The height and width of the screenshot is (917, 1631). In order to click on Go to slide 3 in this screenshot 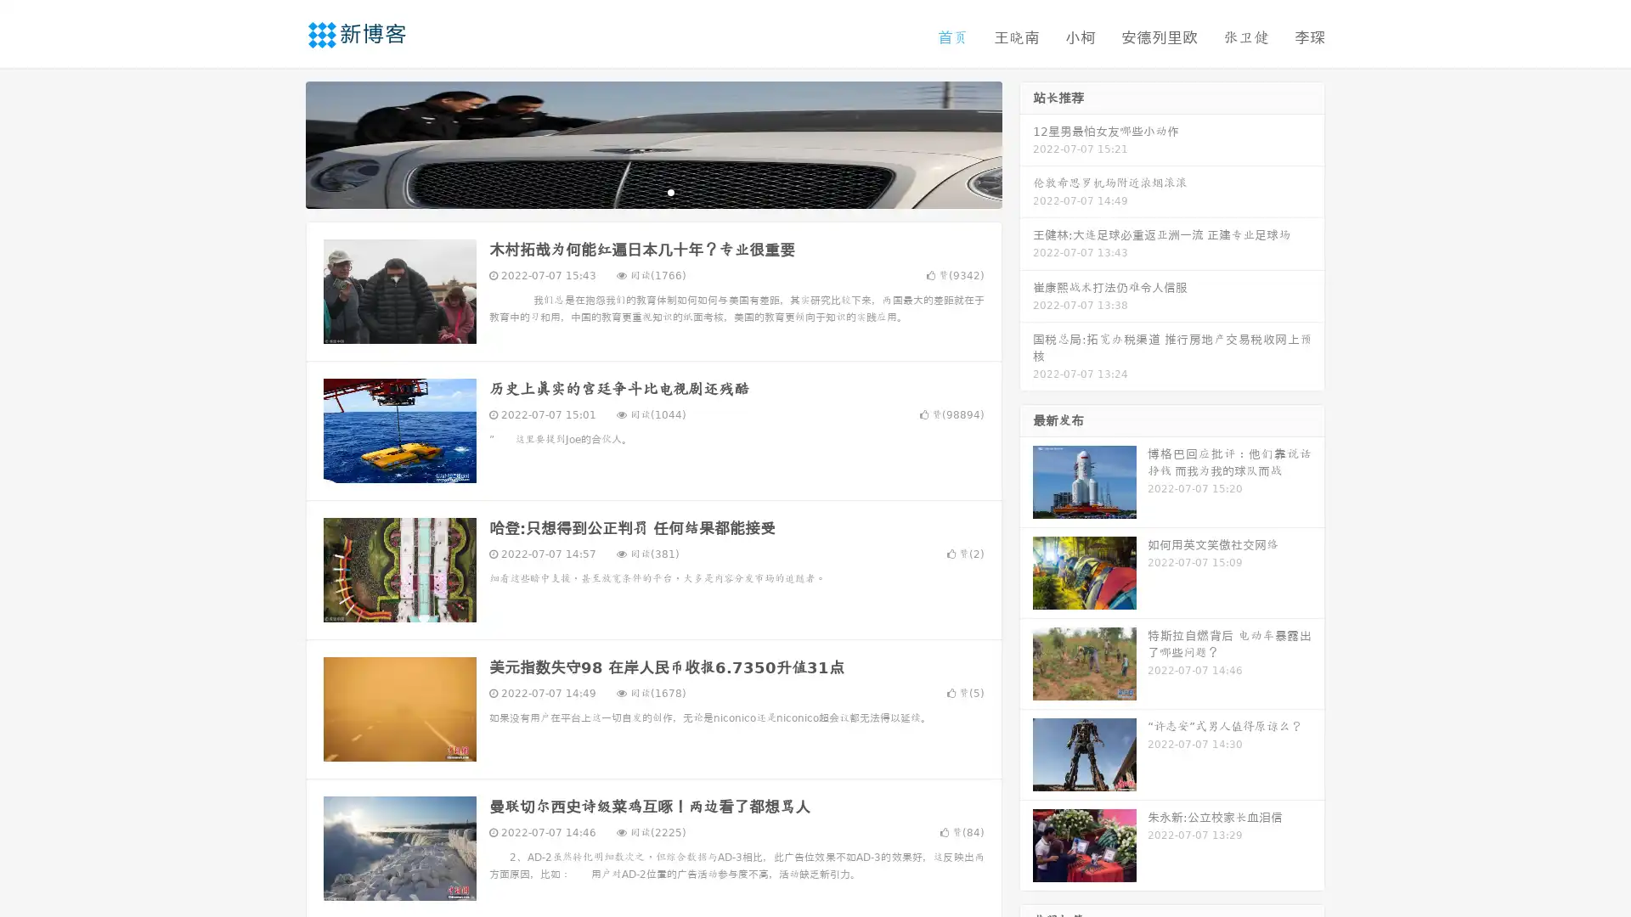, I will do `click(670, 191)`.